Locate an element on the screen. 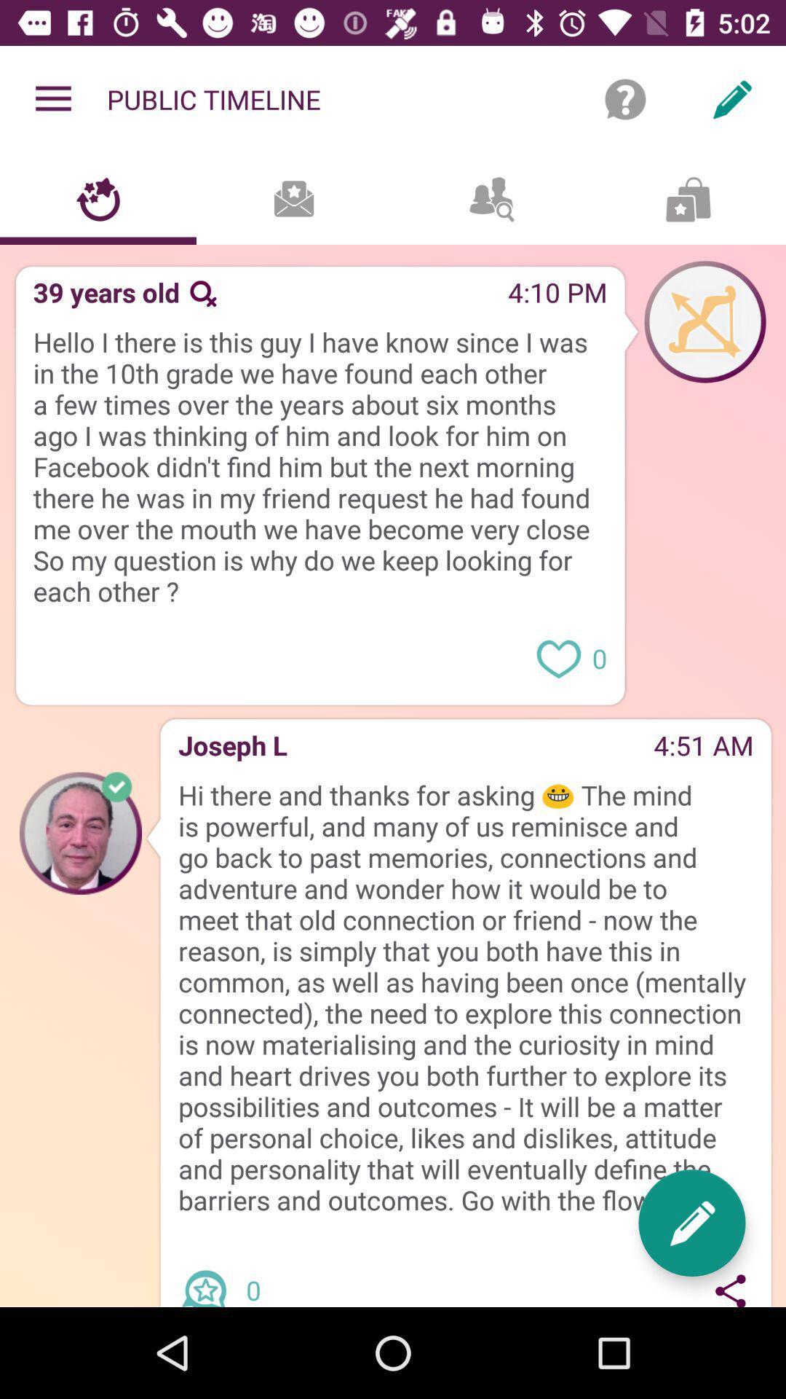 The width and height of the screenshot is (786, 1399). profile is located at coordinates (81, 833).